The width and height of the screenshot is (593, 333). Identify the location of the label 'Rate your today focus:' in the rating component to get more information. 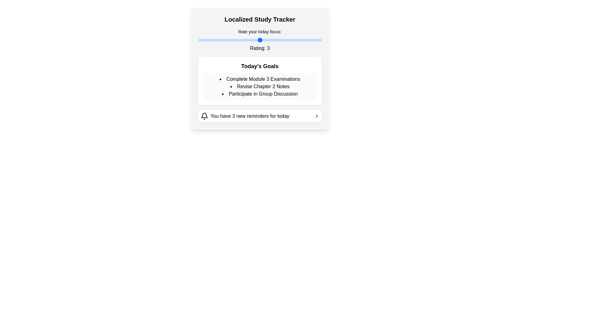
(260, 40).